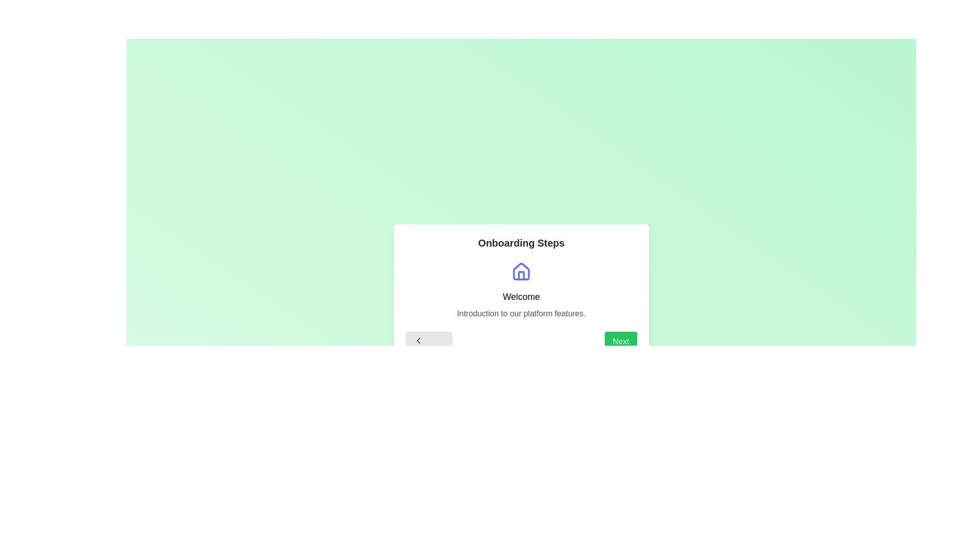 This screenshot has width=958, height=538. What do you see at coordinates (620, 346) in the screenshot?
I see `the 'Next' button, which is the second interactive button in the bottom control group within the card, to proceed to the next step or page` at bounding box center [620, 346].